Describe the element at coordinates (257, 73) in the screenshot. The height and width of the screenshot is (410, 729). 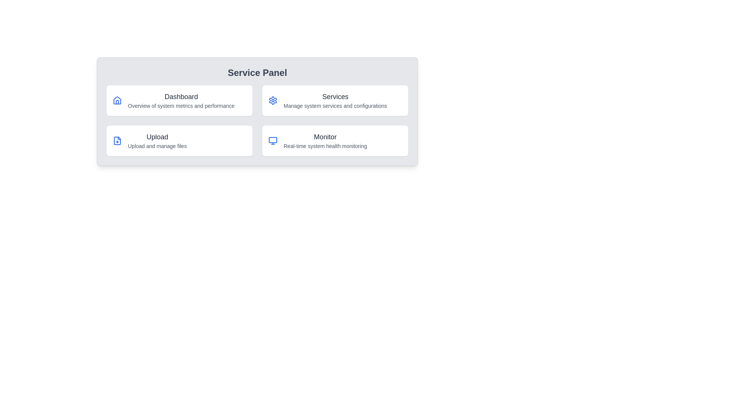
I see `the title text component at the top of the panel layout, which serves as the header for managing services` at that location.